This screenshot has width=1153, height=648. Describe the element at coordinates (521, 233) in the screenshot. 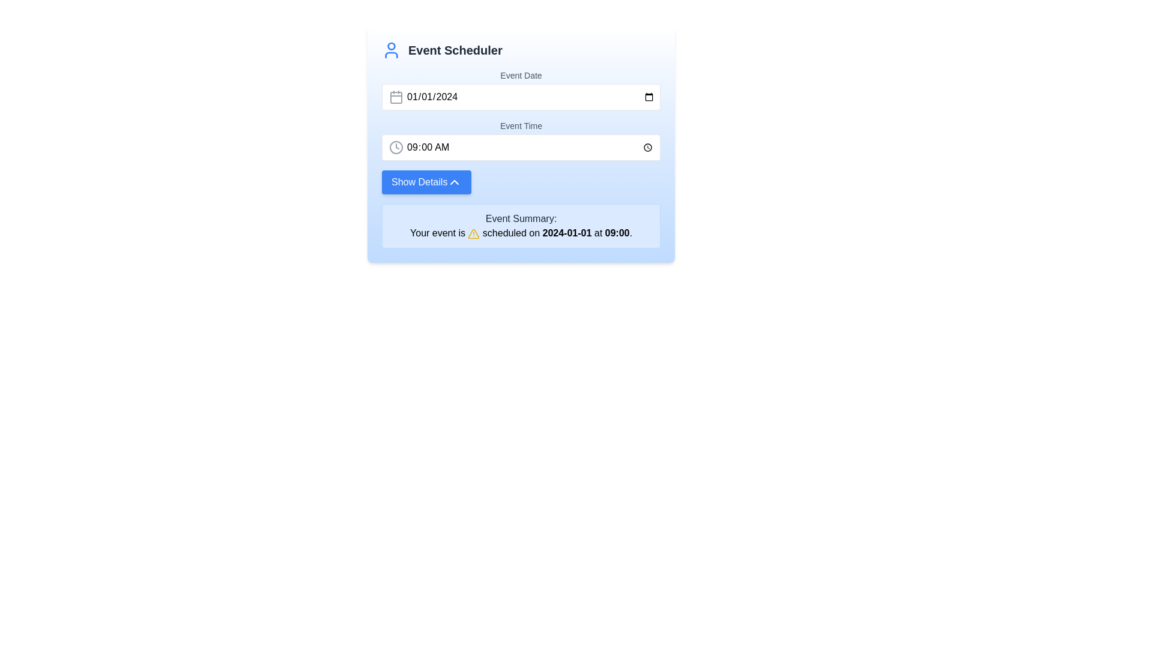

I see `the Static Text with Icon displaying the event's scheduled details, located under the 'Event Summary' title and below the 'Show Details' button` at that location.